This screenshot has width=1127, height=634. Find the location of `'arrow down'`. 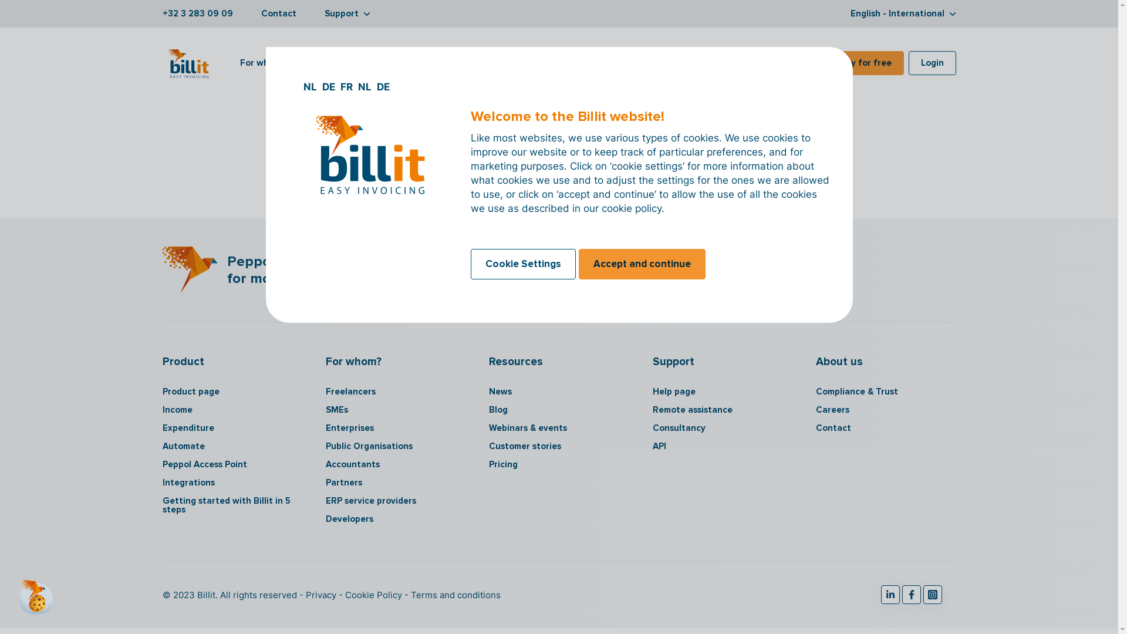

'arrow down' is located at coordinates (366, 14).